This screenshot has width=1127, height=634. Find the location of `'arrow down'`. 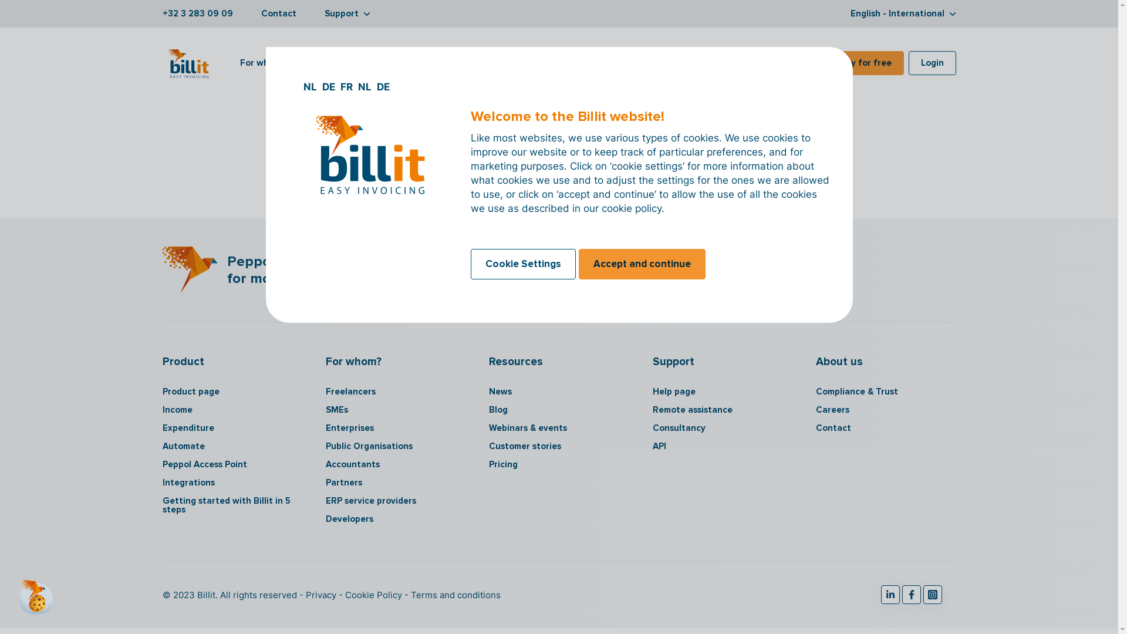

'arrow down' is located at coordinates (366, 14).